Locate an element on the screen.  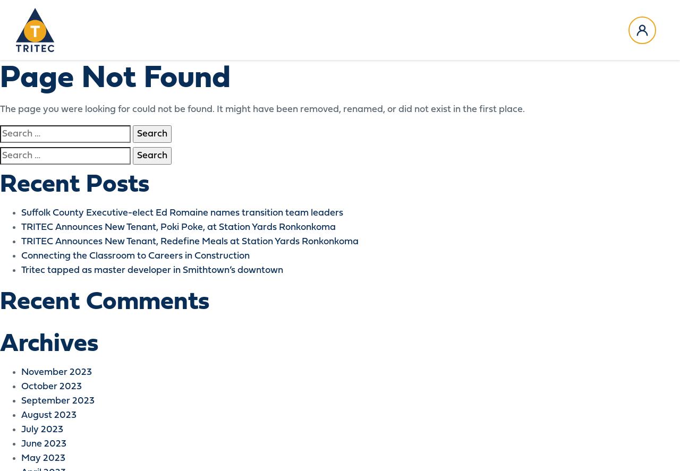
'Page Not Found' is located at coordinates (115, 79).